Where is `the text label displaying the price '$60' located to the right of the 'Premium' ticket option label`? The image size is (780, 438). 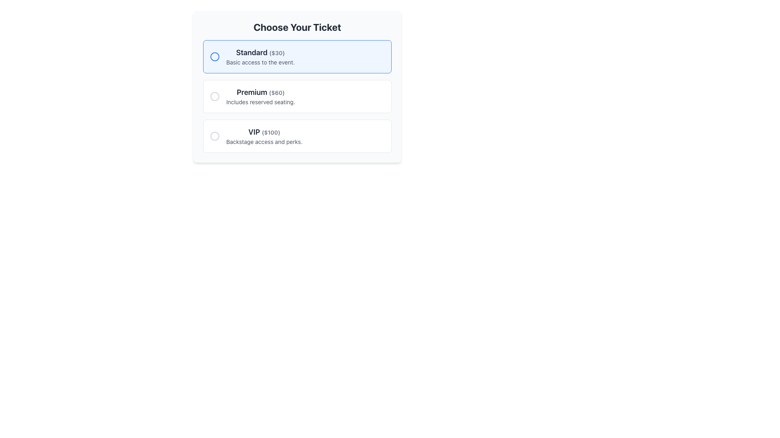
the text label displaying the price '$60' located to the right of the 'Premium' ticket option label is located at coordinates (277, 92).